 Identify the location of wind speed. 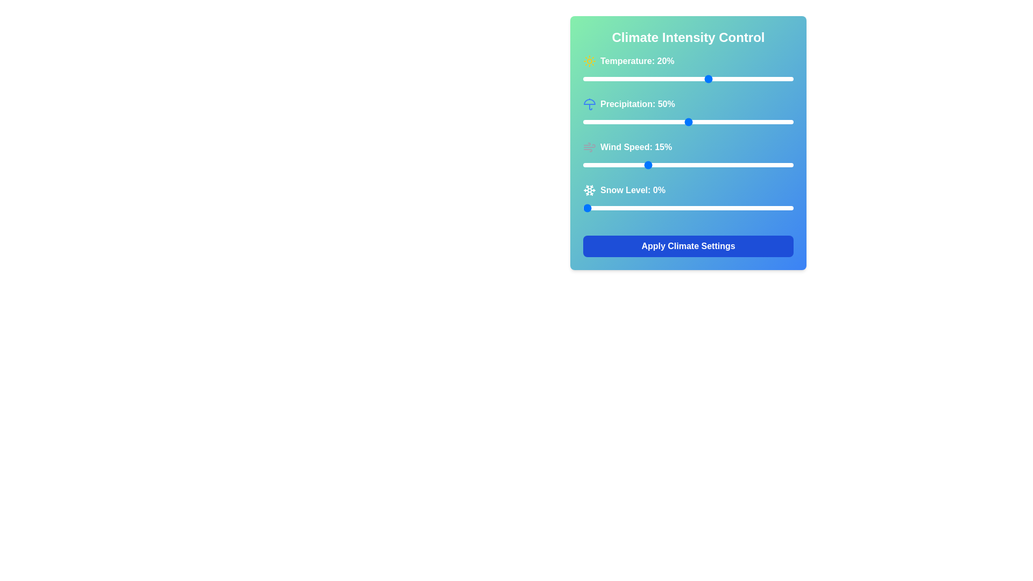
(583, 165).